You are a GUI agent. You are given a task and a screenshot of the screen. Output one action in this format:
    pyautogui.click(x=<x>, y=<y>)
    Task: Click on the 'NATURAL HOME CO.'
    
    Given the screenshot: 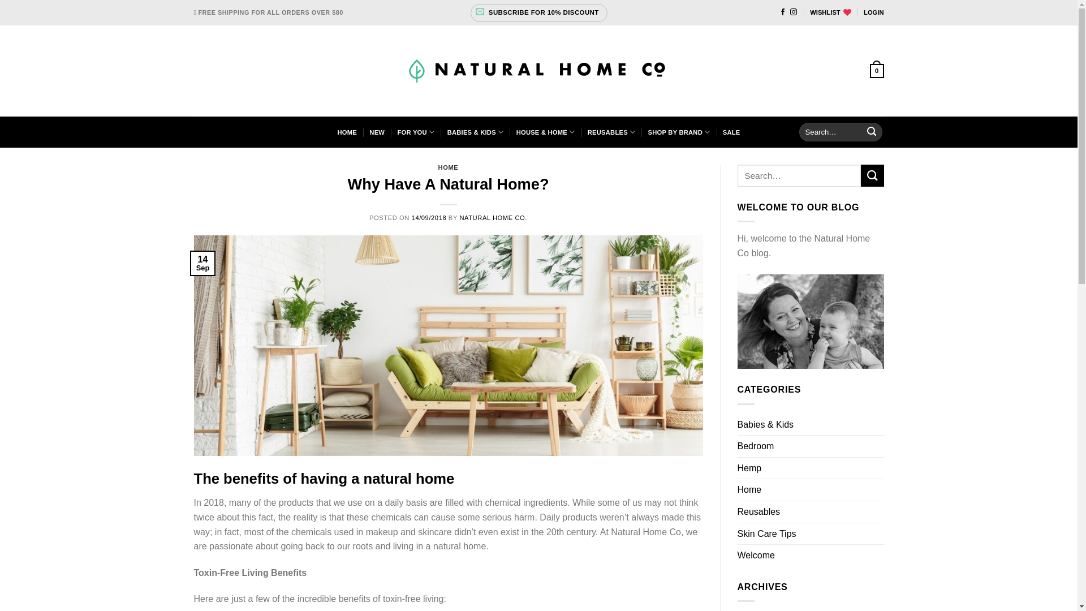 What is the action you would take?
    pyautogui.click(x=493, y=218)
    